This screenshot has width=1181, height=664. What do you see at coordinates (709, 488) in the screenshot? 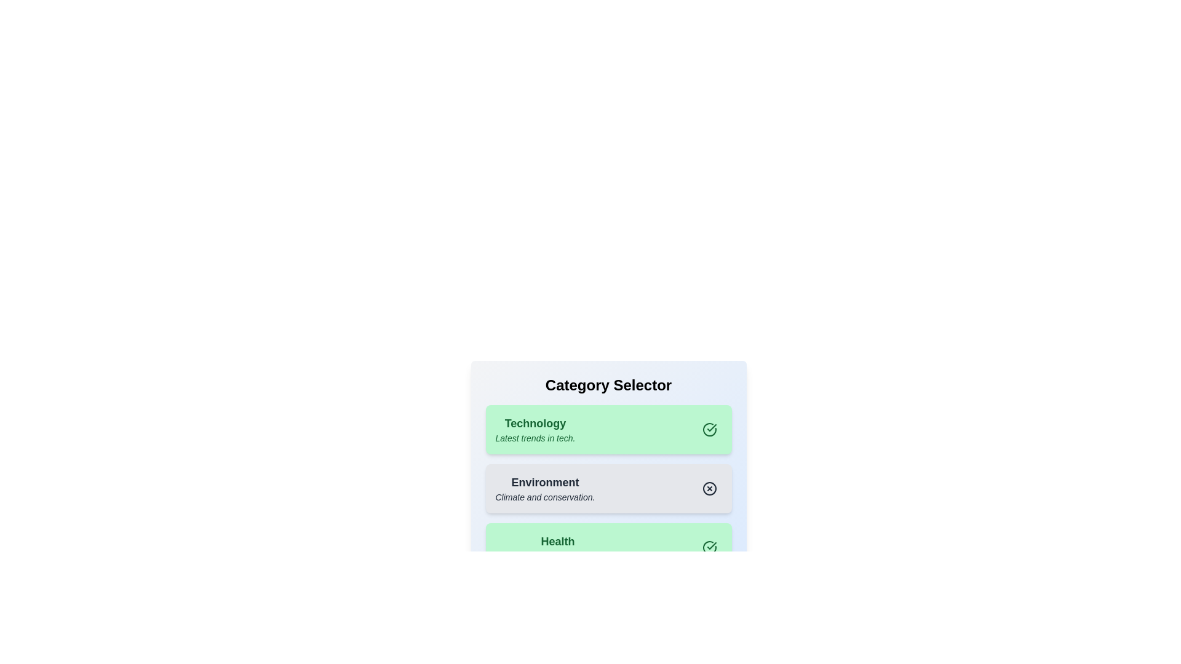
I see `the toggle button for the category Environment to toggle its active state` at bounding box center [709, 488].